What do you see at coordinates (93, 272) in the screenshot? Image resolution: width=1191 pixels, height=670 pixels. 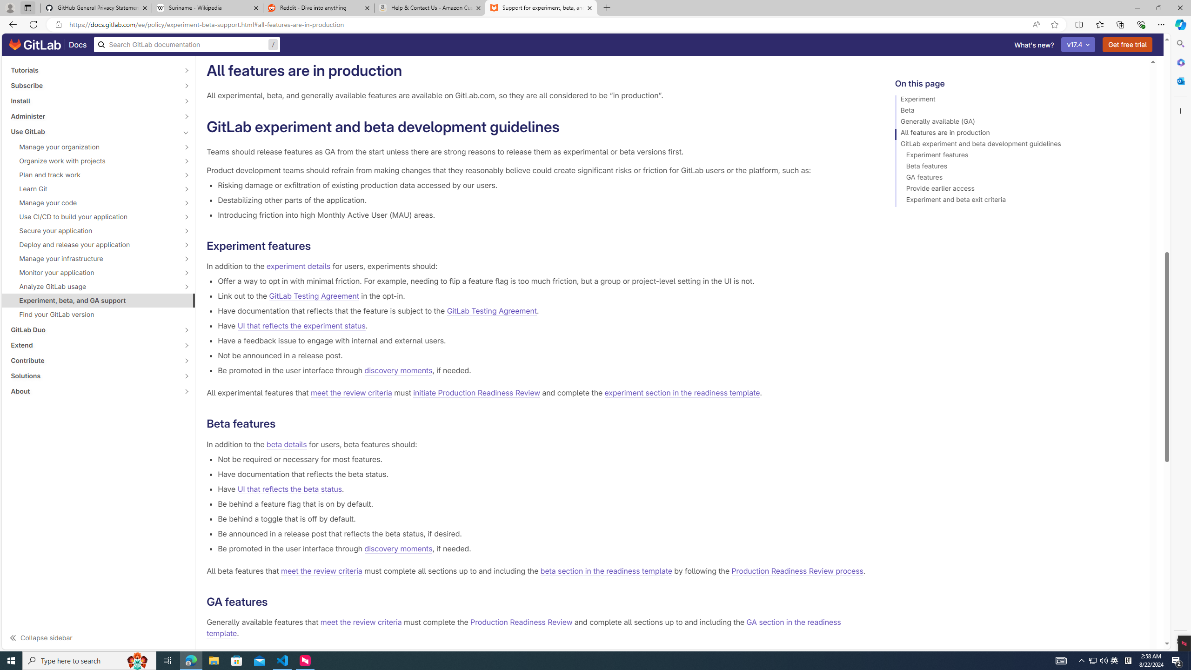 I see `'Monitor your application'` at bounding box center [93, 272].